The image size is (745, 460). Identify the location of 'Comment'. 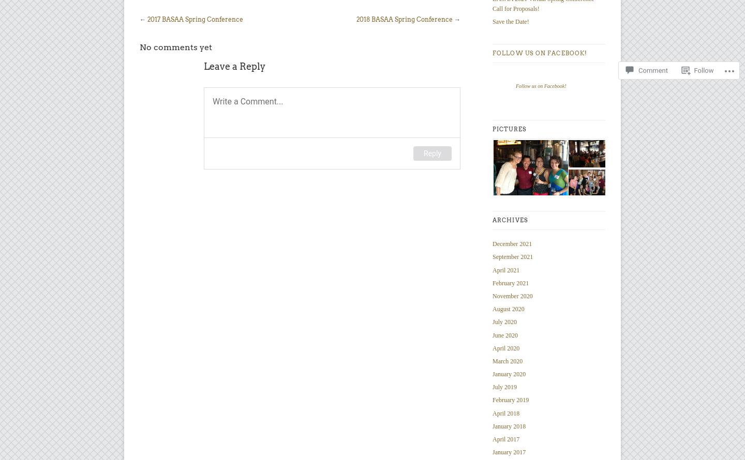
(653, 42).